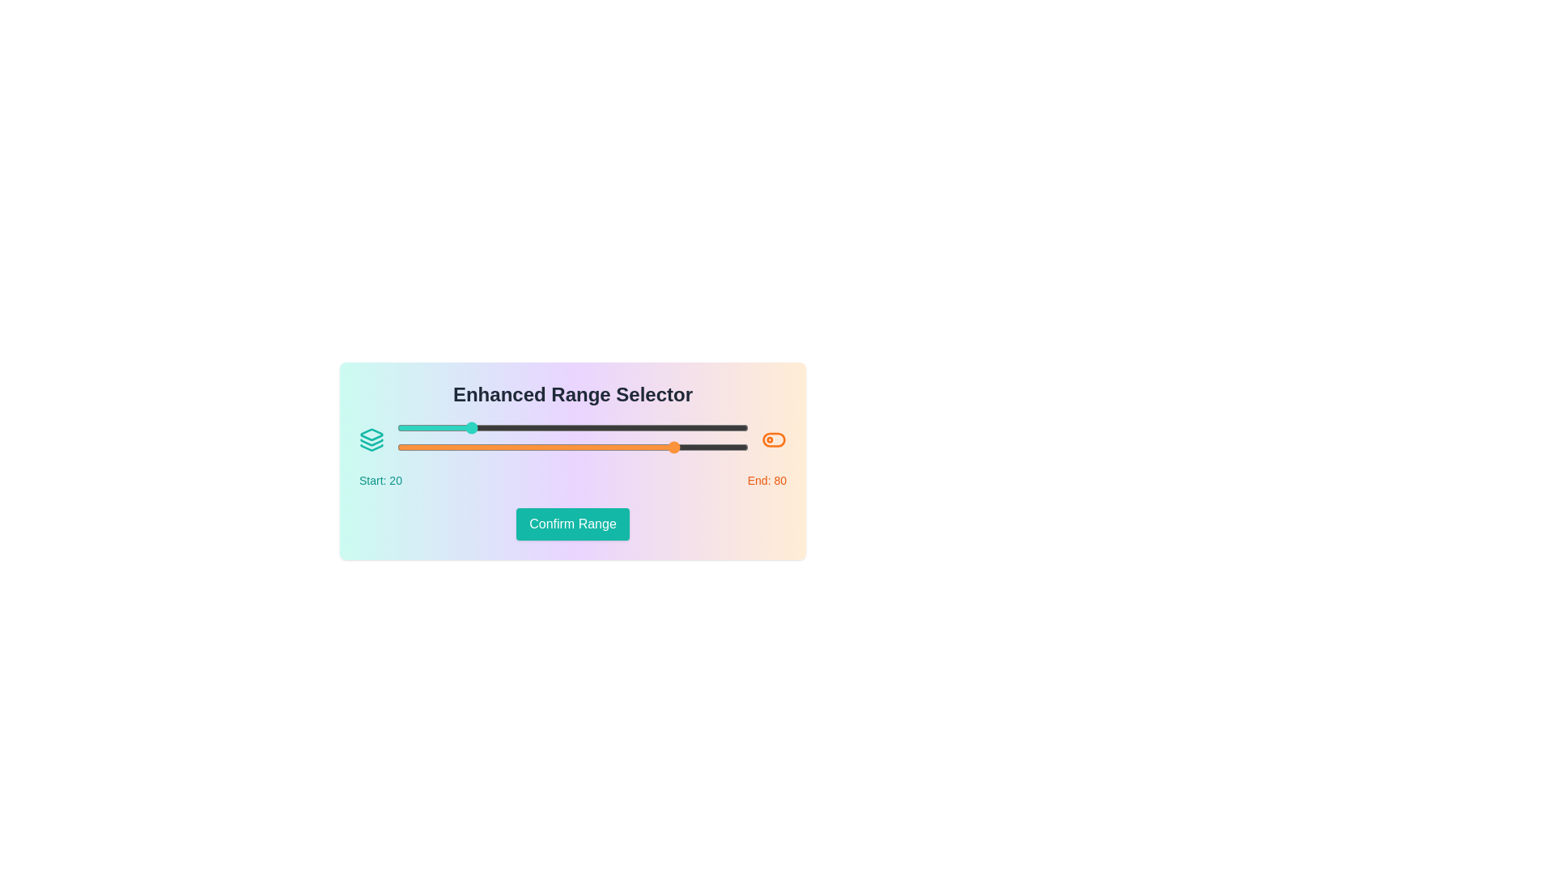  I want to click on the slider value, so click(534, 447).